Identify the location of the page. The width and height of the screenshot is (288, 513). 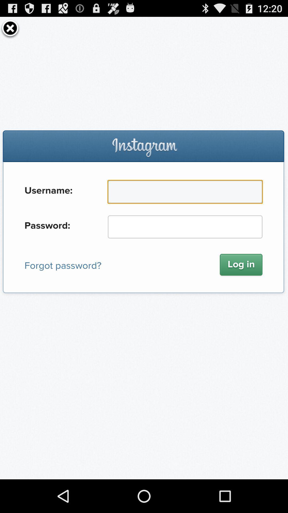
(10, 28).